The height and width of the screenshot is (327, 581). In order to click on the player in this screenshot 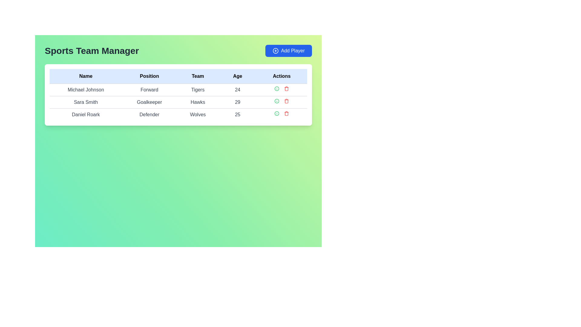, I will do `click(178, 102)`.